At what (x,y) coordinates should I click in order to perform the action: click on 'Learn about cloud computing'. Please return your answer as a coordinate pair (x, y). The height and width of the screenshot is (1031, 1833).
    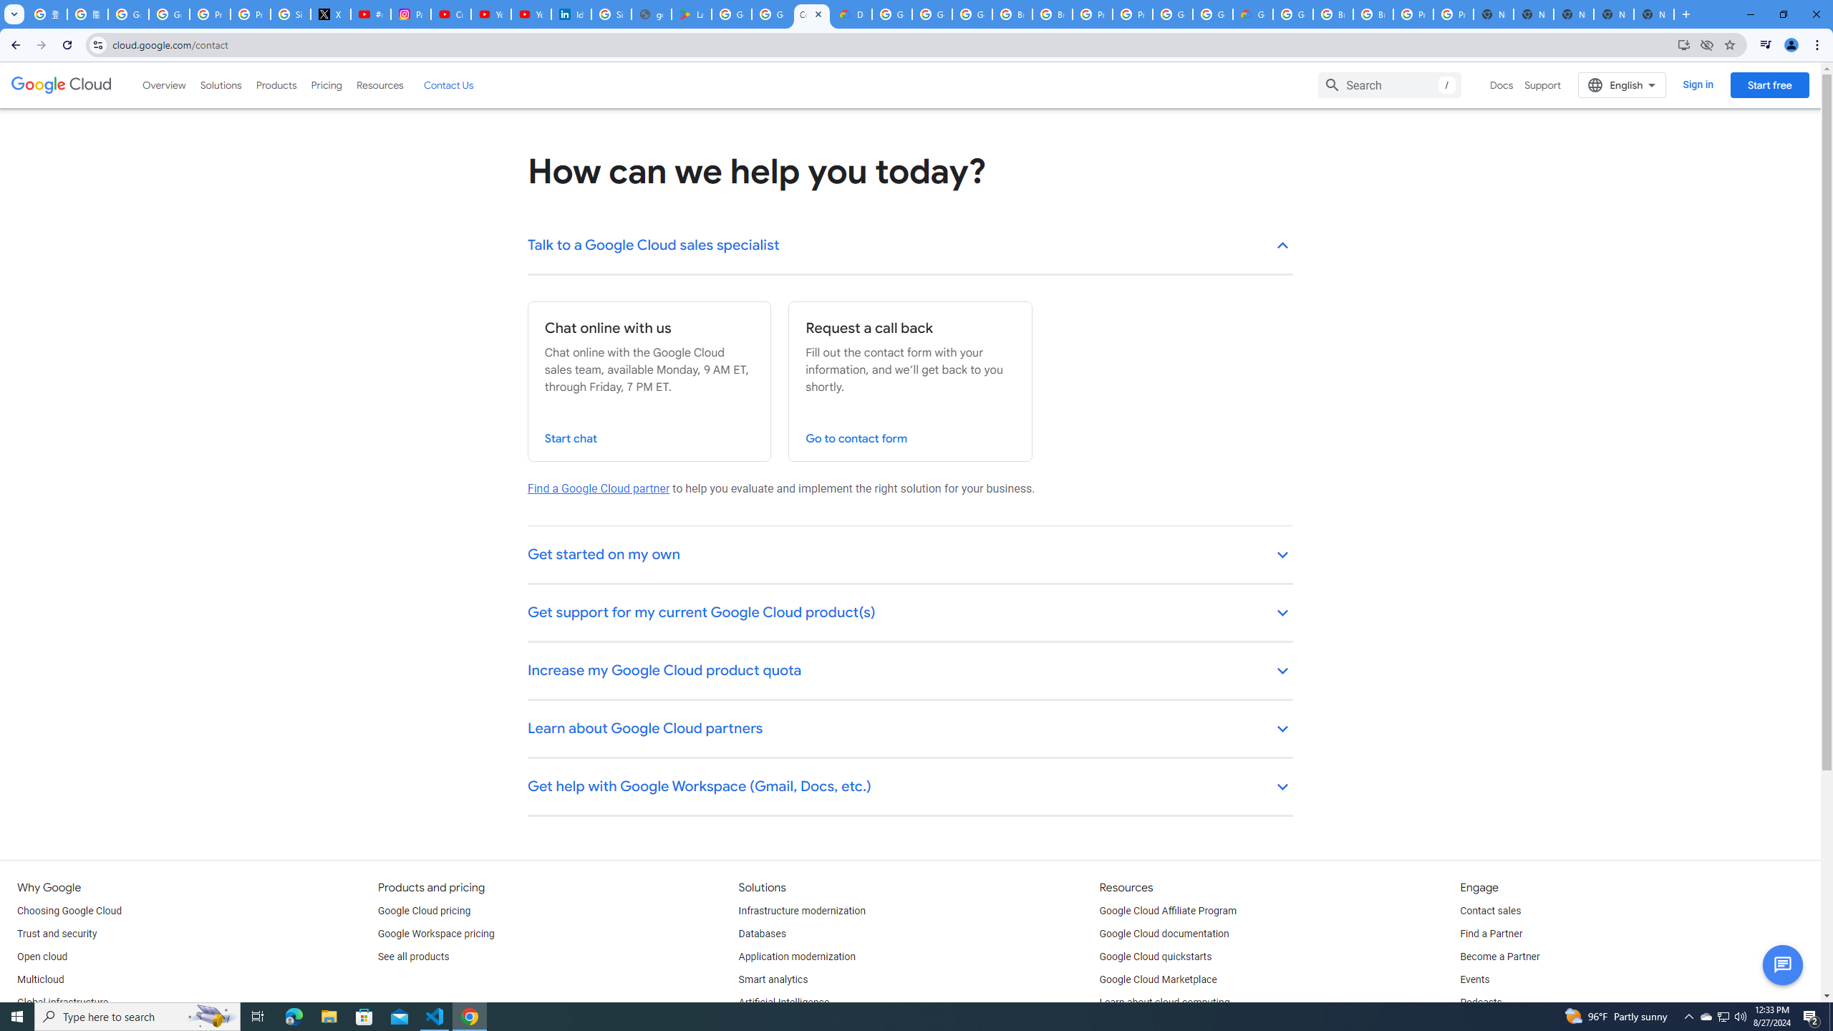
    Looking at the image, I should click on (1164, 1003).